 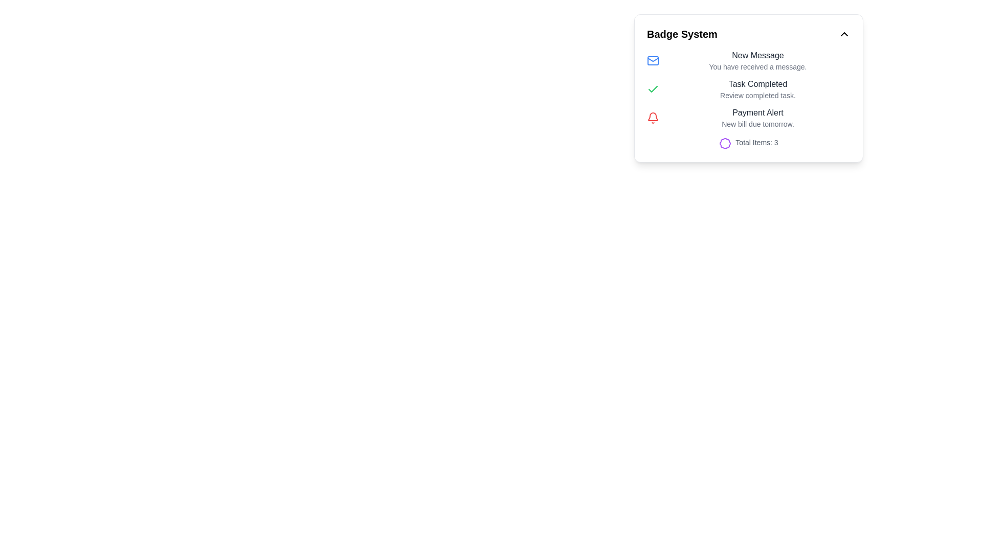 I want to click on the alert icon located next to the 'Payment Alert' text to acknowledge the alert, so click(x=652, y=118).